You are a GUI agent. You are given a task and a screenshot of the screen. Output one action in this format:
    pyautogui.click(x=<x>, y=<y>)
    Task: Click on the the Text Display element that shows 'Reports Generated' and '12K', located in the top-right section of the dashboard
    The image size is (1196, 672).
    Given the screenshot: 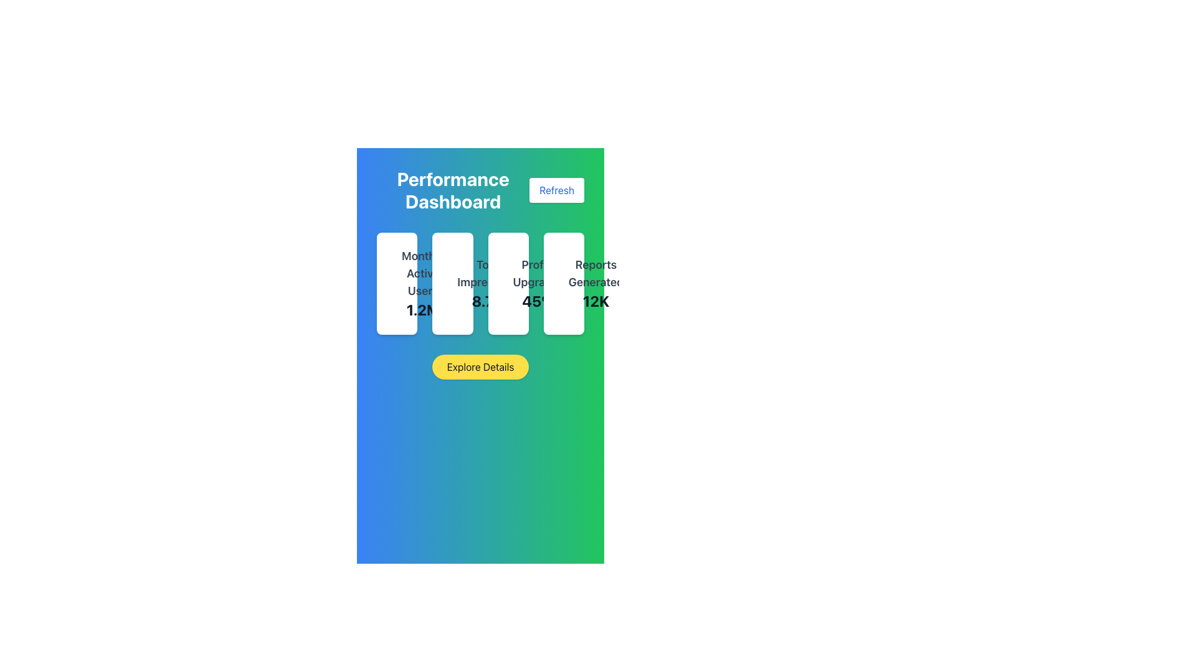 What is the action you would take?
    pyautogui.click(x=595, y=283)
    